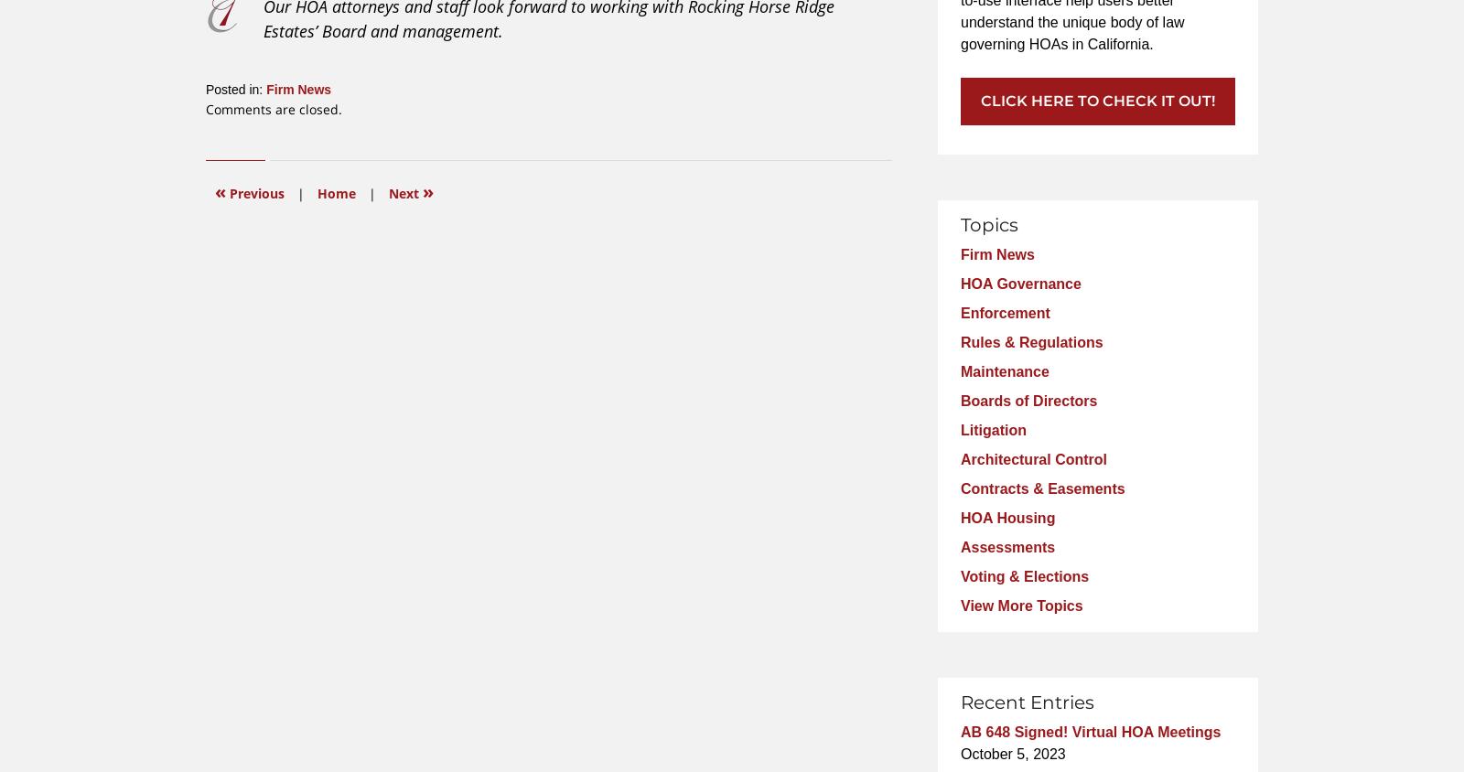 The height and width of the screenshot is (772, 1464). Describe the element at coordinates (337, 192) in the screenshot. I see `'Home'` at that location.